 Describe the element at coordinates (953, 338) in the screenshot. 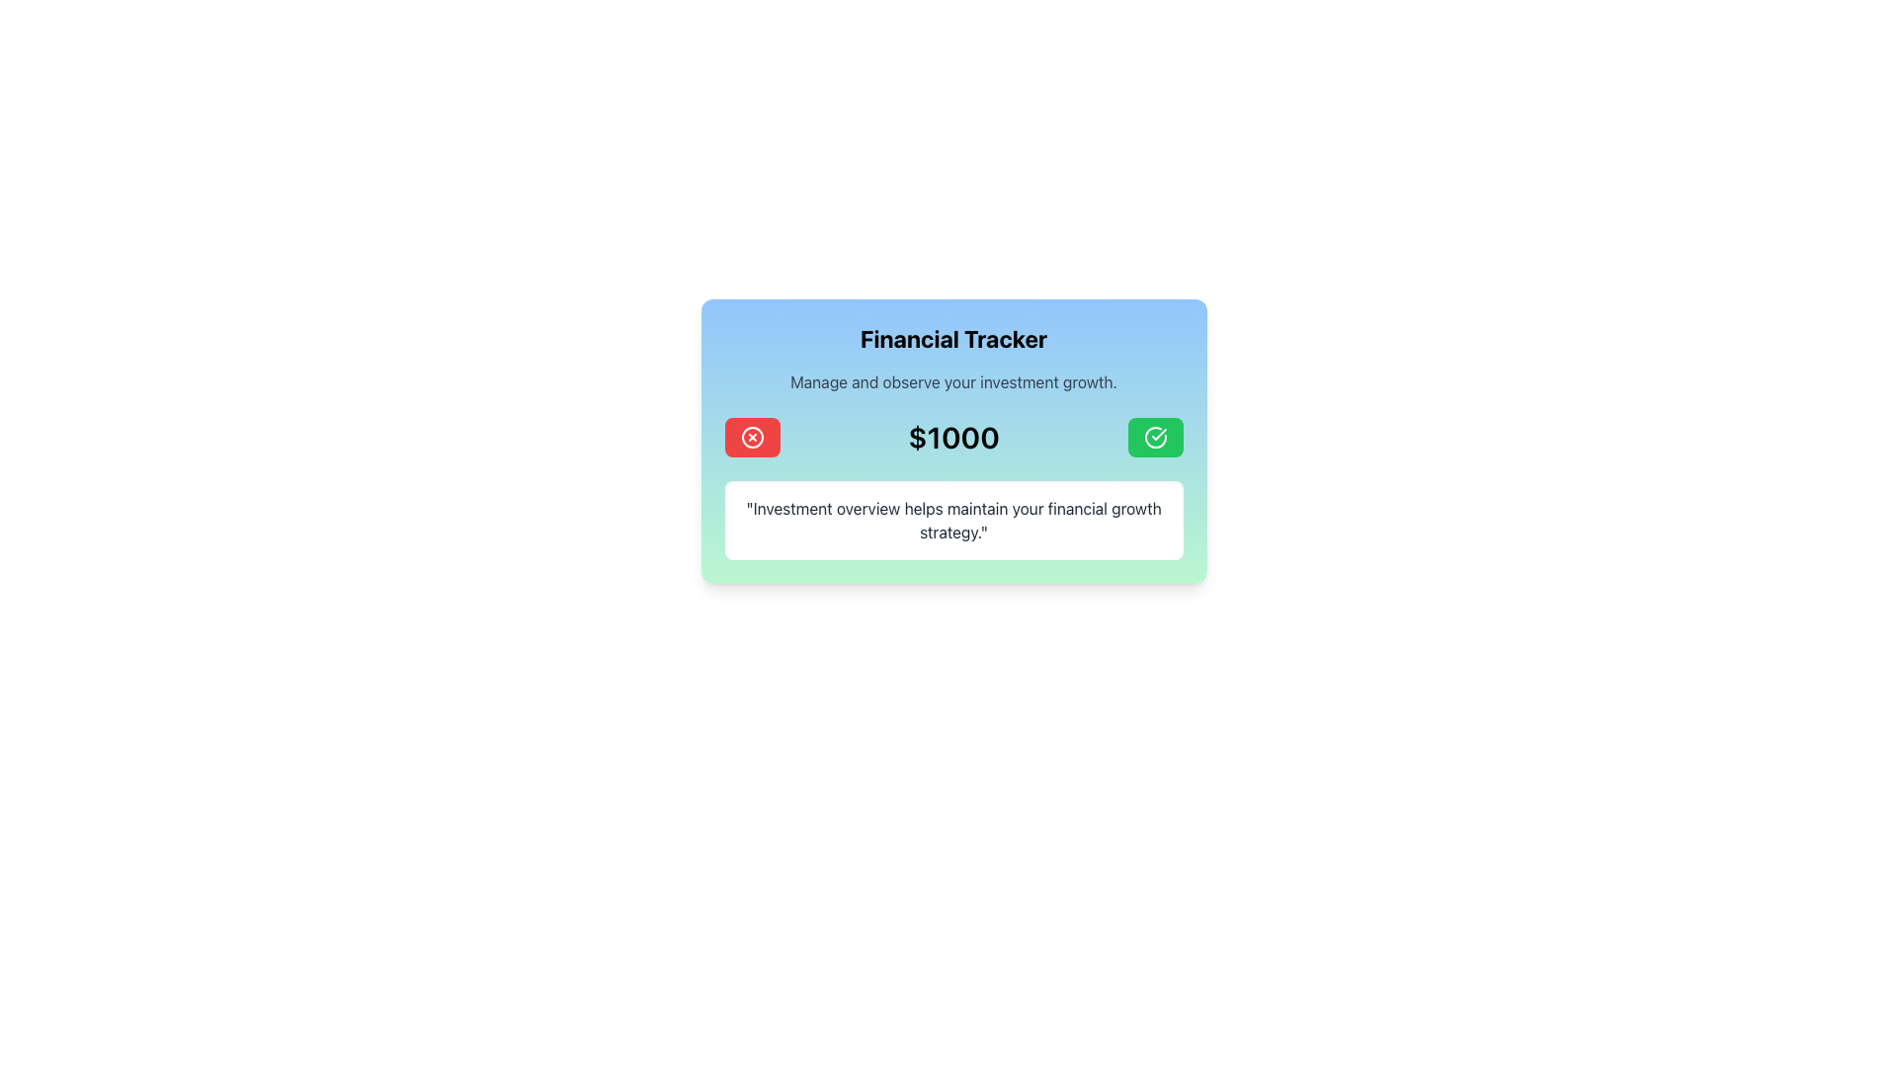

I see `the header text displaying 'Financial Tracker' which is in bold and large font, located at the top-center of the card with a light blue background` at that location.